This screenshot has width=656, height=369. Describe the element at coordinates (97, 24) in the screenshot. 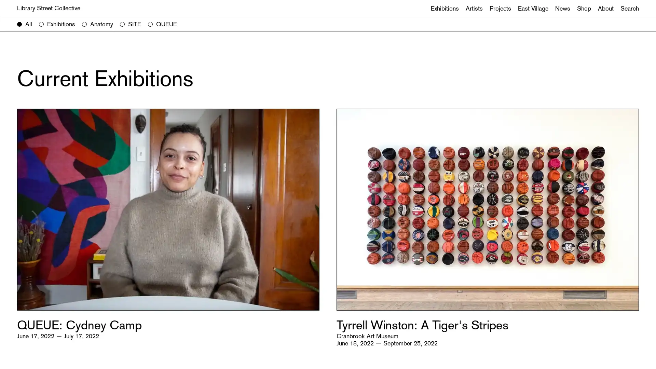

I see `Anatomy` at that location.